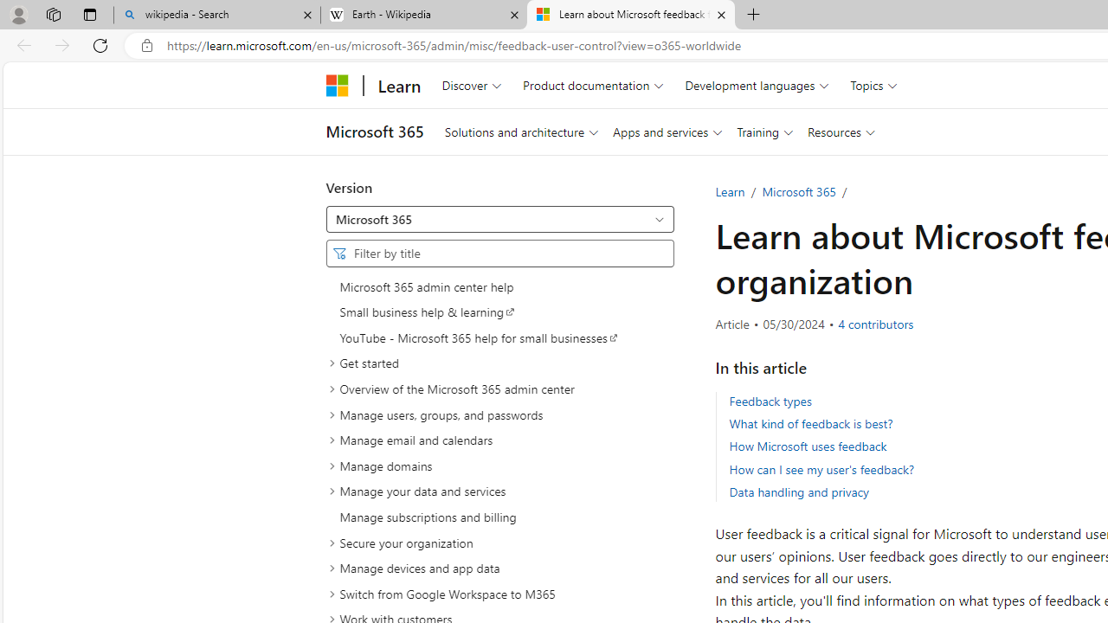  Describe the element at coordinates (99, 44) in the screenshot. I see `'Refresh'` at that location.